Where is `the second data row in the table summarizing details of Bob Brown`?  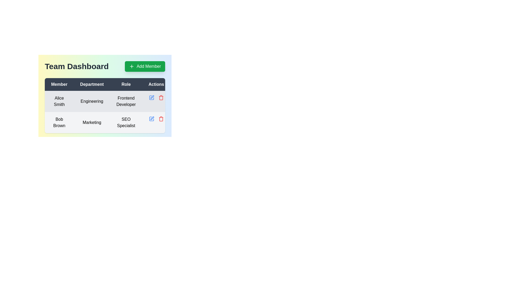 the second data row in the table summarizing details of Bob Brown is located at coordinates (107, 122).